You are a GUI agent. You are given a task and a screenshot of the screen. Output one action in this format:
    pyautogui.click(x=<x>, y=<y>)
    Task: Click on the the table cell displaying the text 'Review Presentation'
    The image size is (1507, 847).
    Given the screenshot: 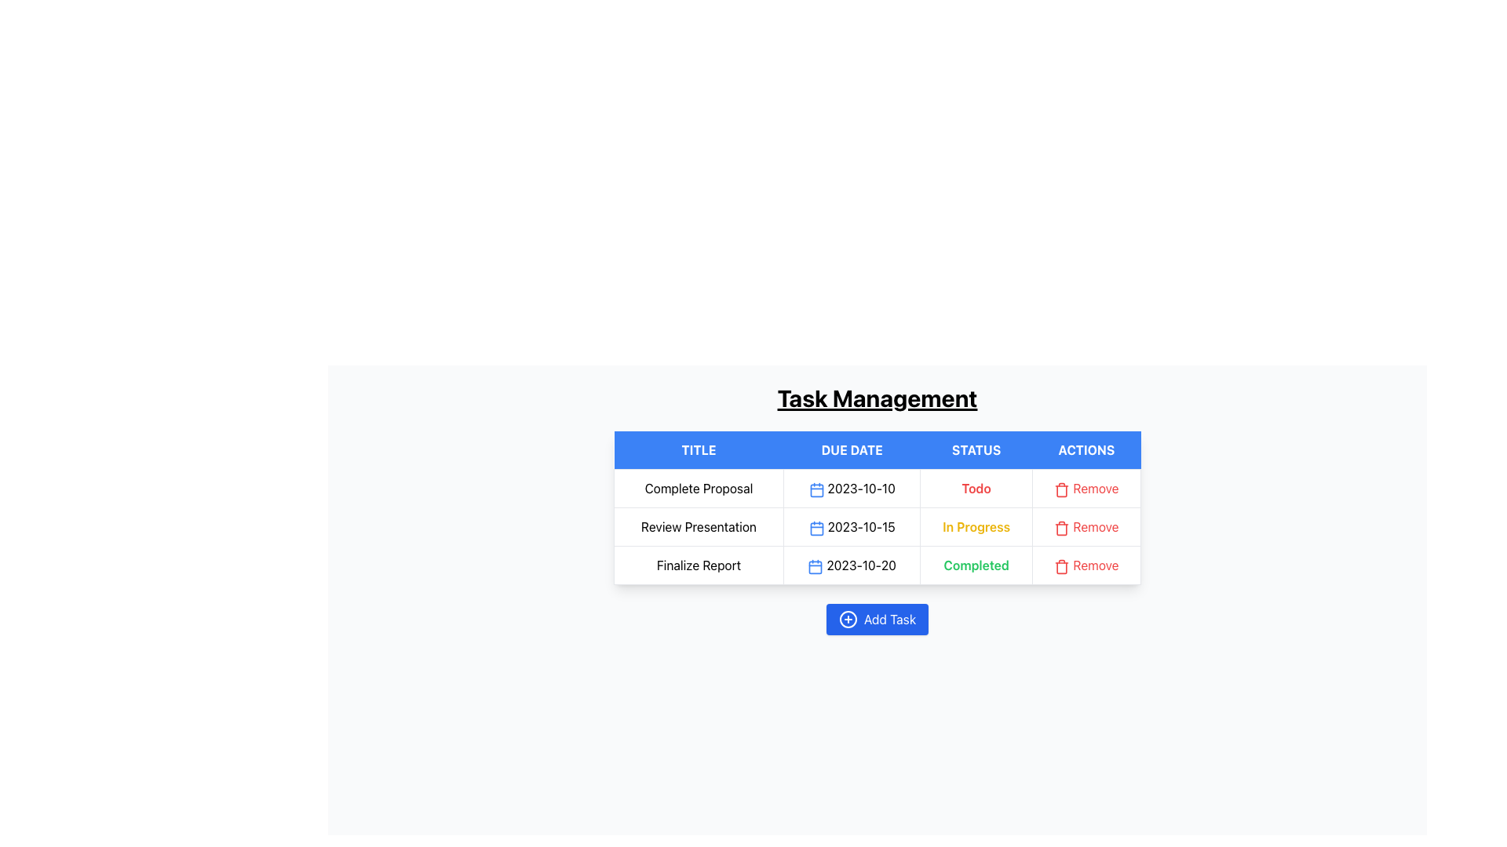 What is the action you would take?
    pyautogui.click(x=698, y=526)
    